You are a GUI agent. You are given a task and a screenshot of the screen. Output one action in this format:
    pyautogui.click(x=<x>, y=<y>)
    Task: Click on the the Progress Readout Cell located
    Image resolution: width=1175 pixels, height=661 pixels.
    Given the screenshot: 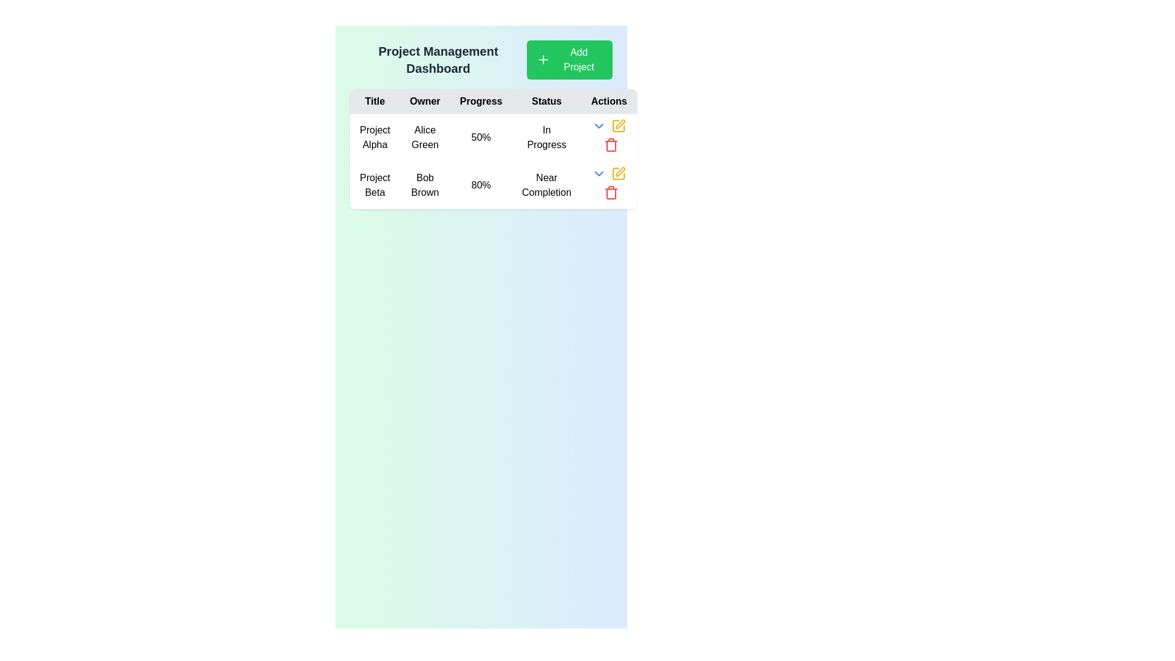 What is the action you would take?
    pyautogui.click(x=493, y=160)
    